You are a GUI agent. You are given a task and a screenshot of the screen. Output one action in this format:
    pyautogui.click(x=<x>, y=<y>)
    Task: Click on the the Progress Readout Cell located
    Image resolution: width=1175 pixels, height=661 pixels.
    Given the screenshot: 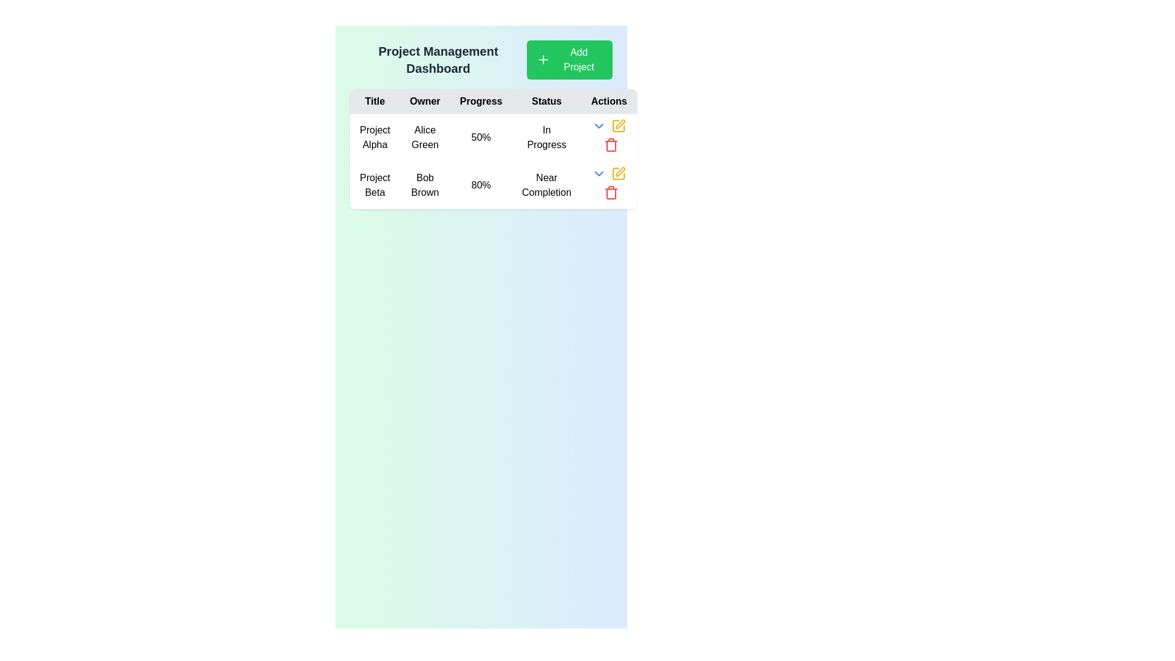 What is the action you would take?
    pyautogui.click(x=493, y=160)
    